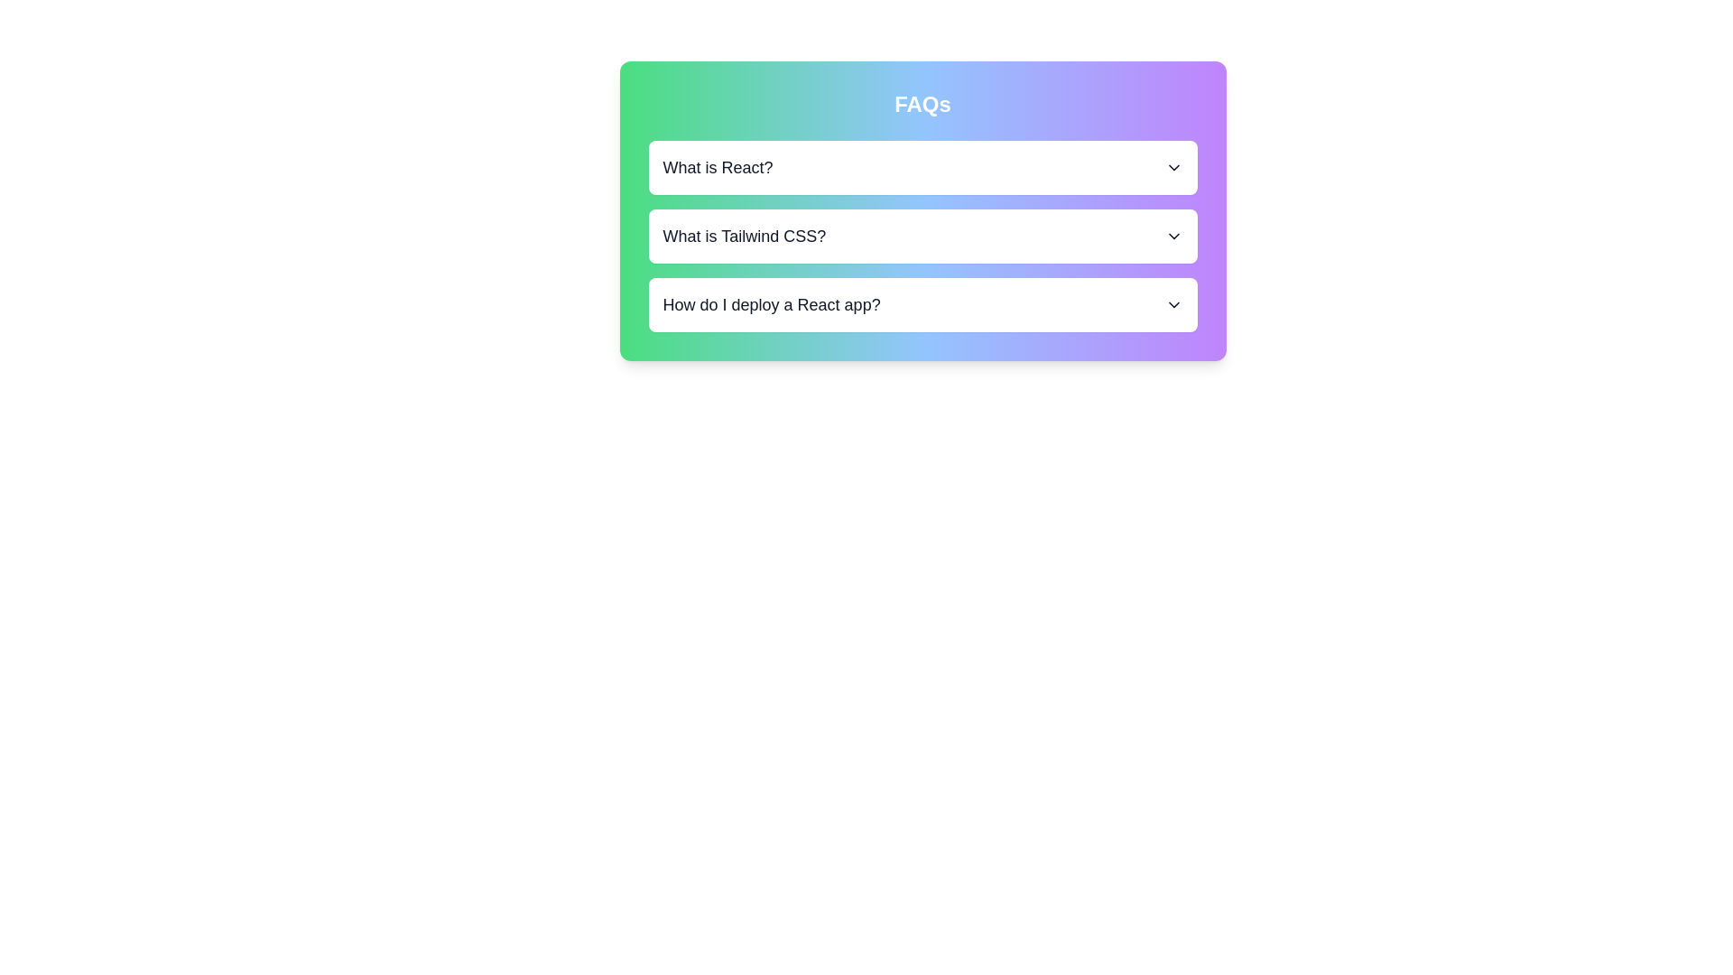  Describe the element at coordinates (922, 236) in the screenshot. I see `the dropdown menu` at that location.